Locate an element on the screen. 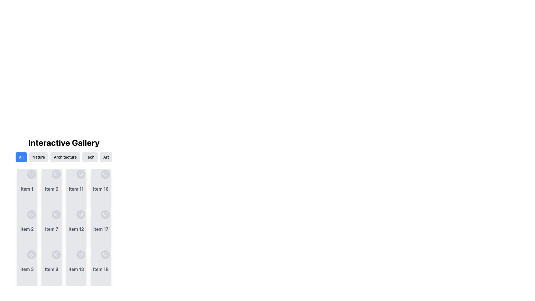  the text label in the second card of the second row under the 'Interactive Gallery' is located at coordinates (52, 189).